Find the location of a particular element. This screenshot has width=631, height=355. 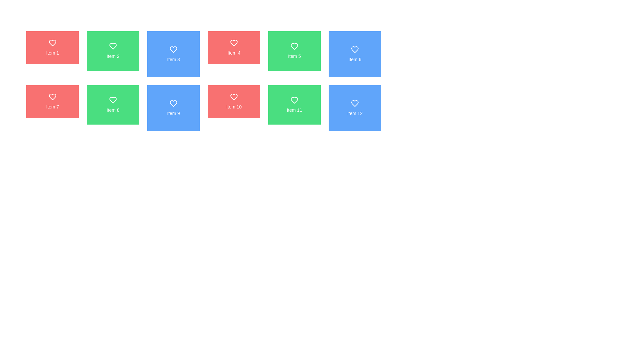

the heart-shaped icon representing the favorite feature, located within the blue square labeled Item 12 at the bottom-right corner of the grid is located at coordinates (355, 104).